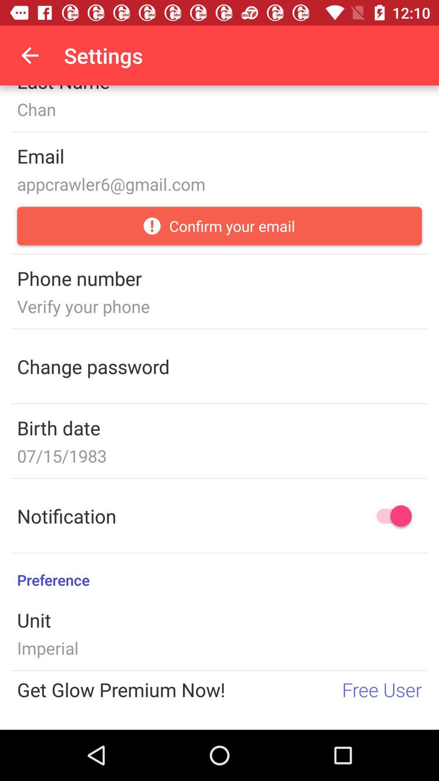  What do you see at coordinates (390, 515) in the screenshot?
I see `notification` at bounding box center [390, 515].